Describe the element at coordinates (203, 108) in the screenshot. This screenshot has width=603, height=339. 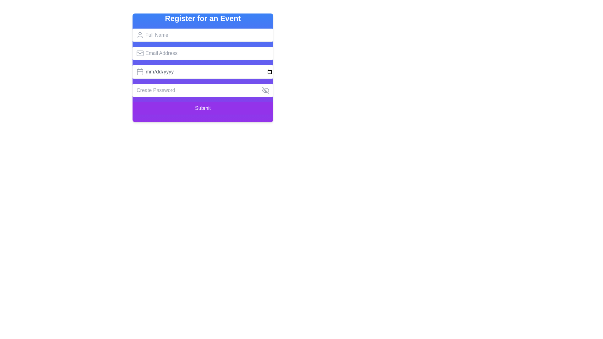
I see `the submit button located at the bottom of the form interface` at that location.